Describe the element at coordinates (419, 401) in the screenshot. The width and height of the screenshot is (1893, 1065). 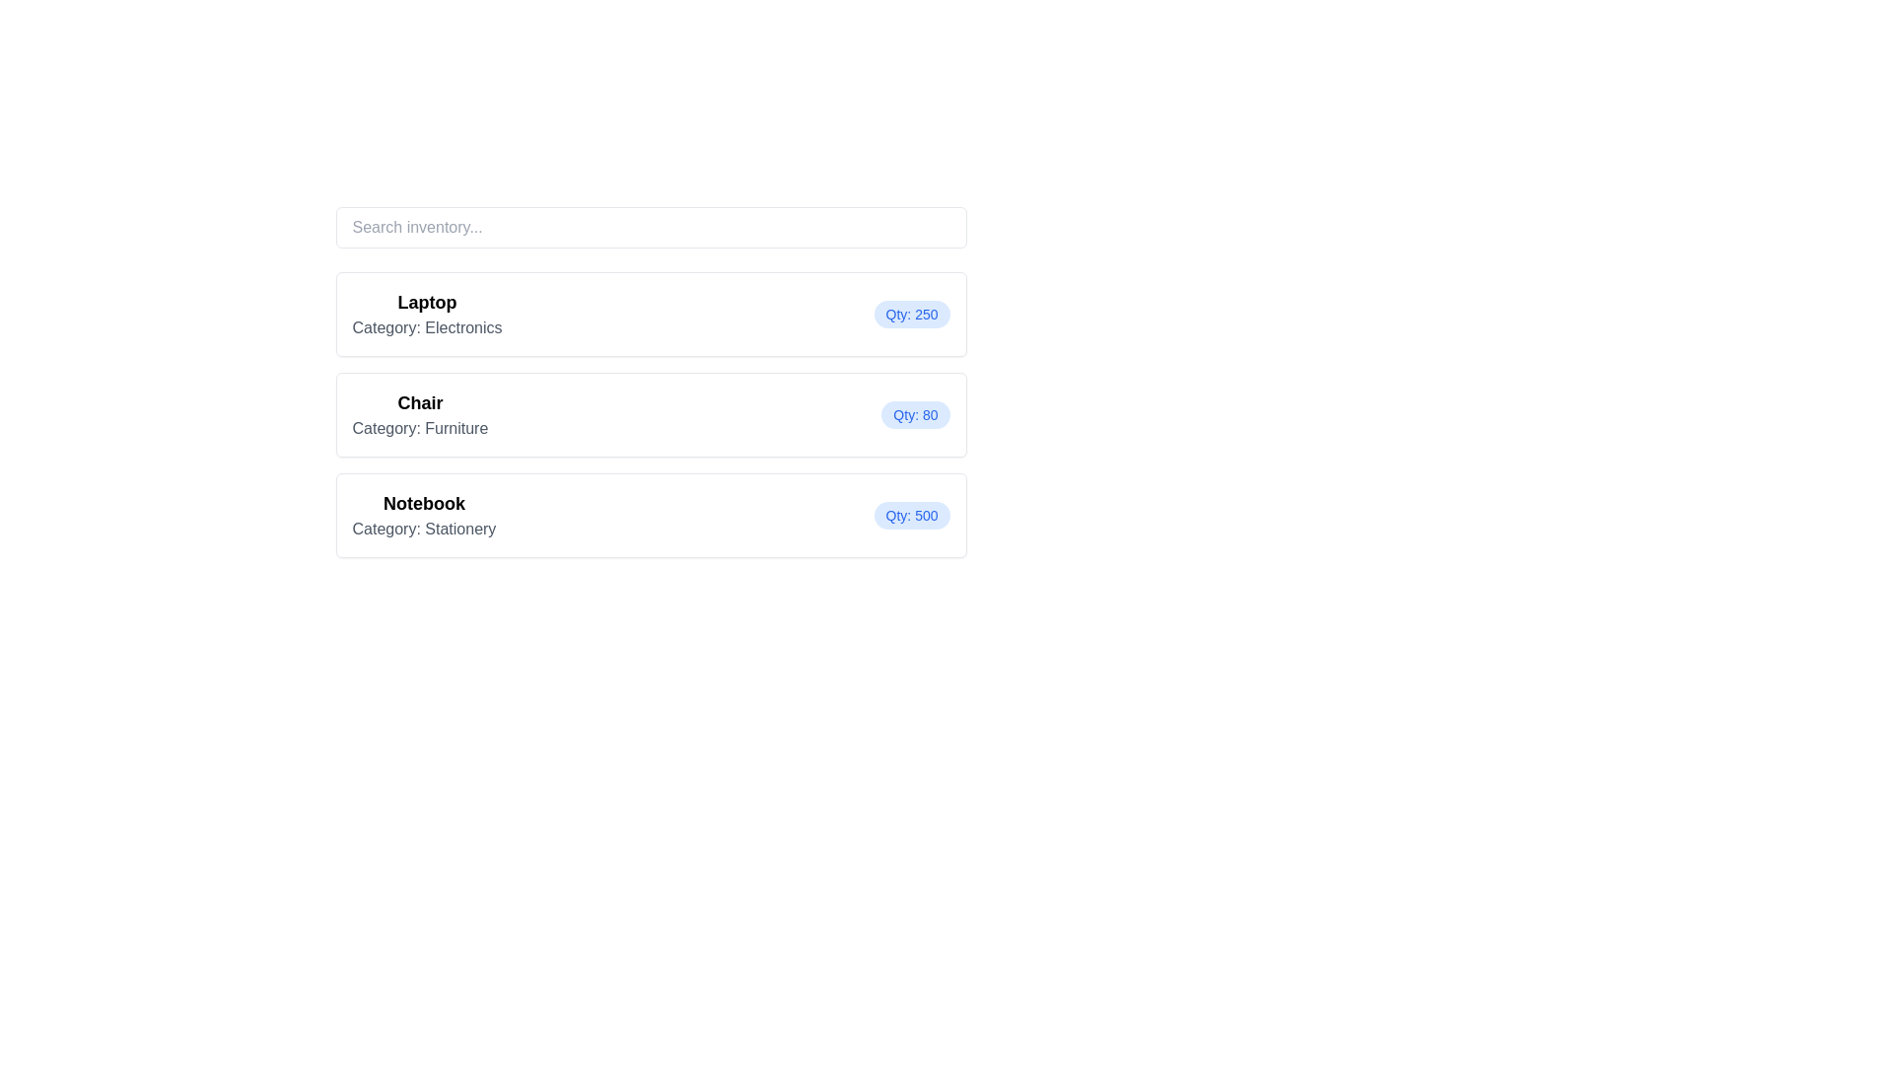
I see `text of the Label or heading that indicates the type of product in the catalog, located above the text 'Category: Furniture' in the middle section of the vertical list layout` at that location.